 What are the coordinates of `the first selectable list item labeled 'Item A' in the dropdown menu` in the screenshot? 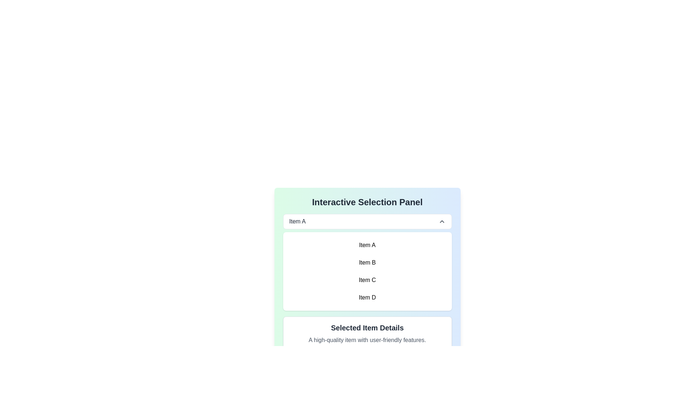 It's located at (367, 245).